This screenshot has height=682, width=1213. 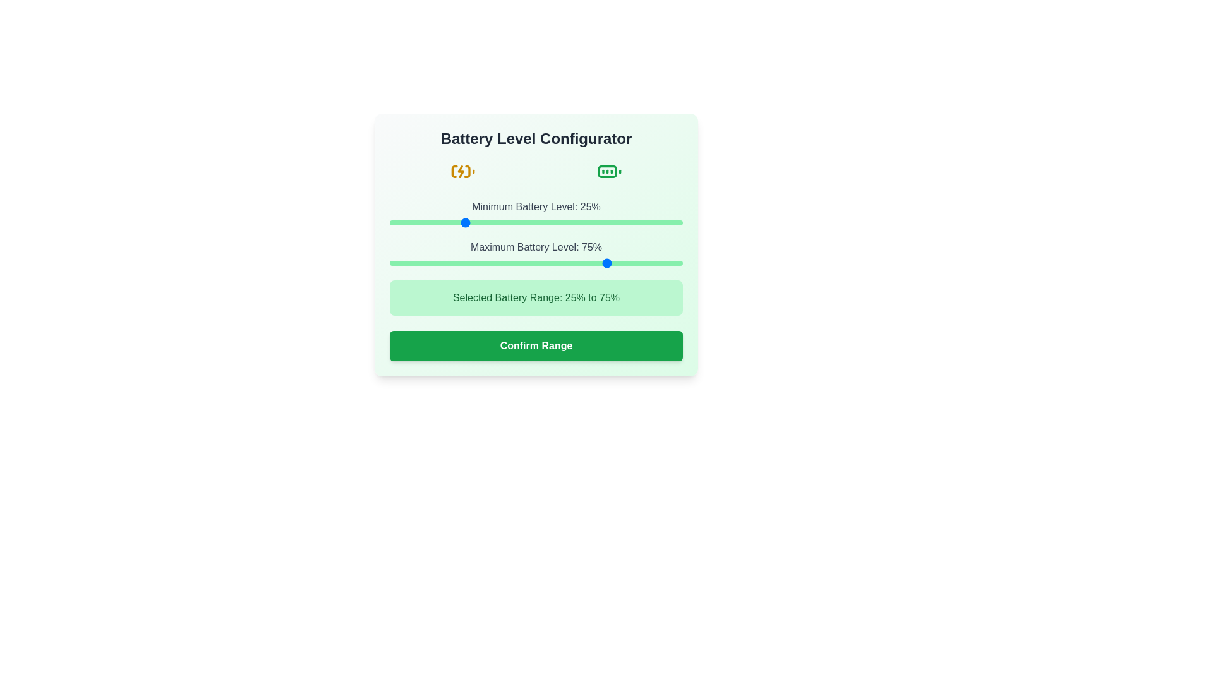 I want to click on the maximum battery level, so click(x=642, y=262).